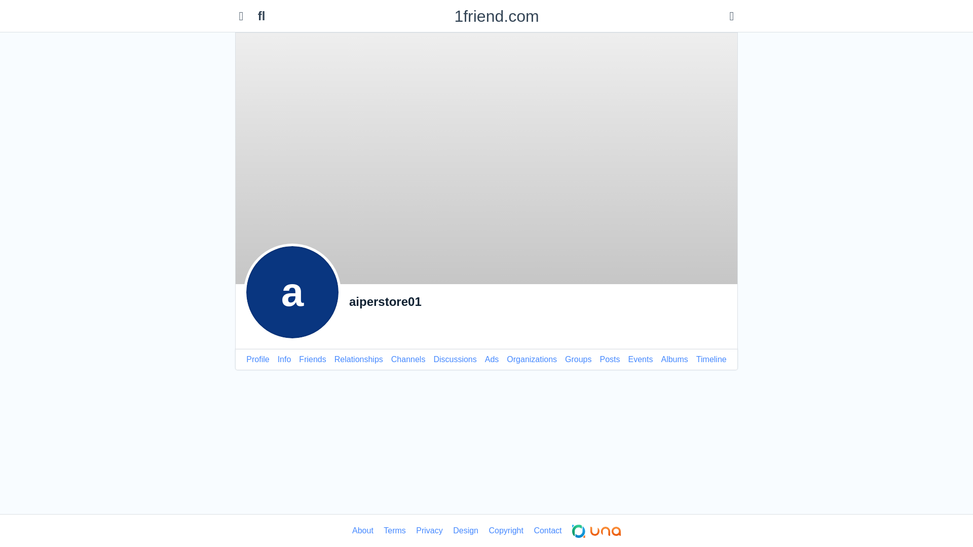  What do you see at coordinates (710, 359) in the screenshot?
I see `'Timeline'` at bounding box center [710, 359].